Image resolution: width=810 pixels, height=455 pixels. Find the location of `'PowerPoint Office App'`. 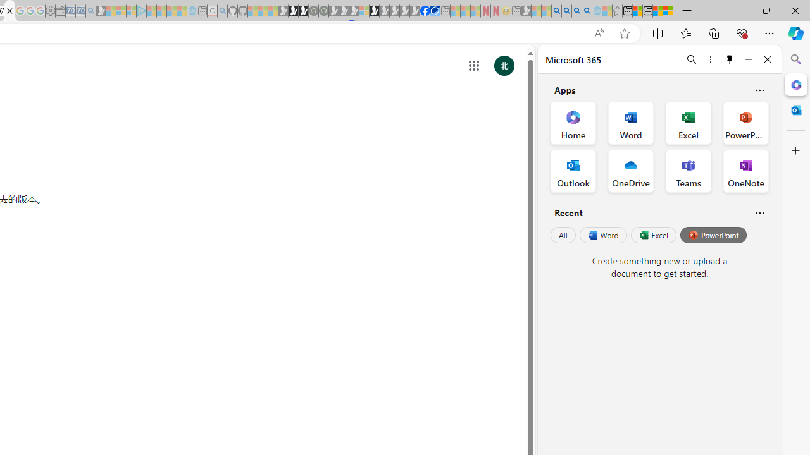

'PowerPoint Office App' is located at coordinates (745, 123).